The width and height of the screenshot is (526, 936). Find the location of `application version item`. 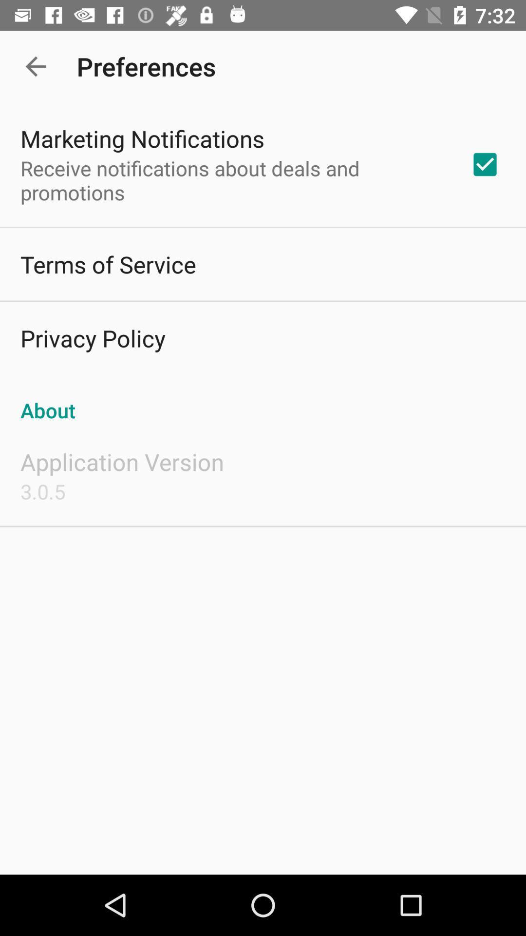

application version item is located at coordinates (121, 461).